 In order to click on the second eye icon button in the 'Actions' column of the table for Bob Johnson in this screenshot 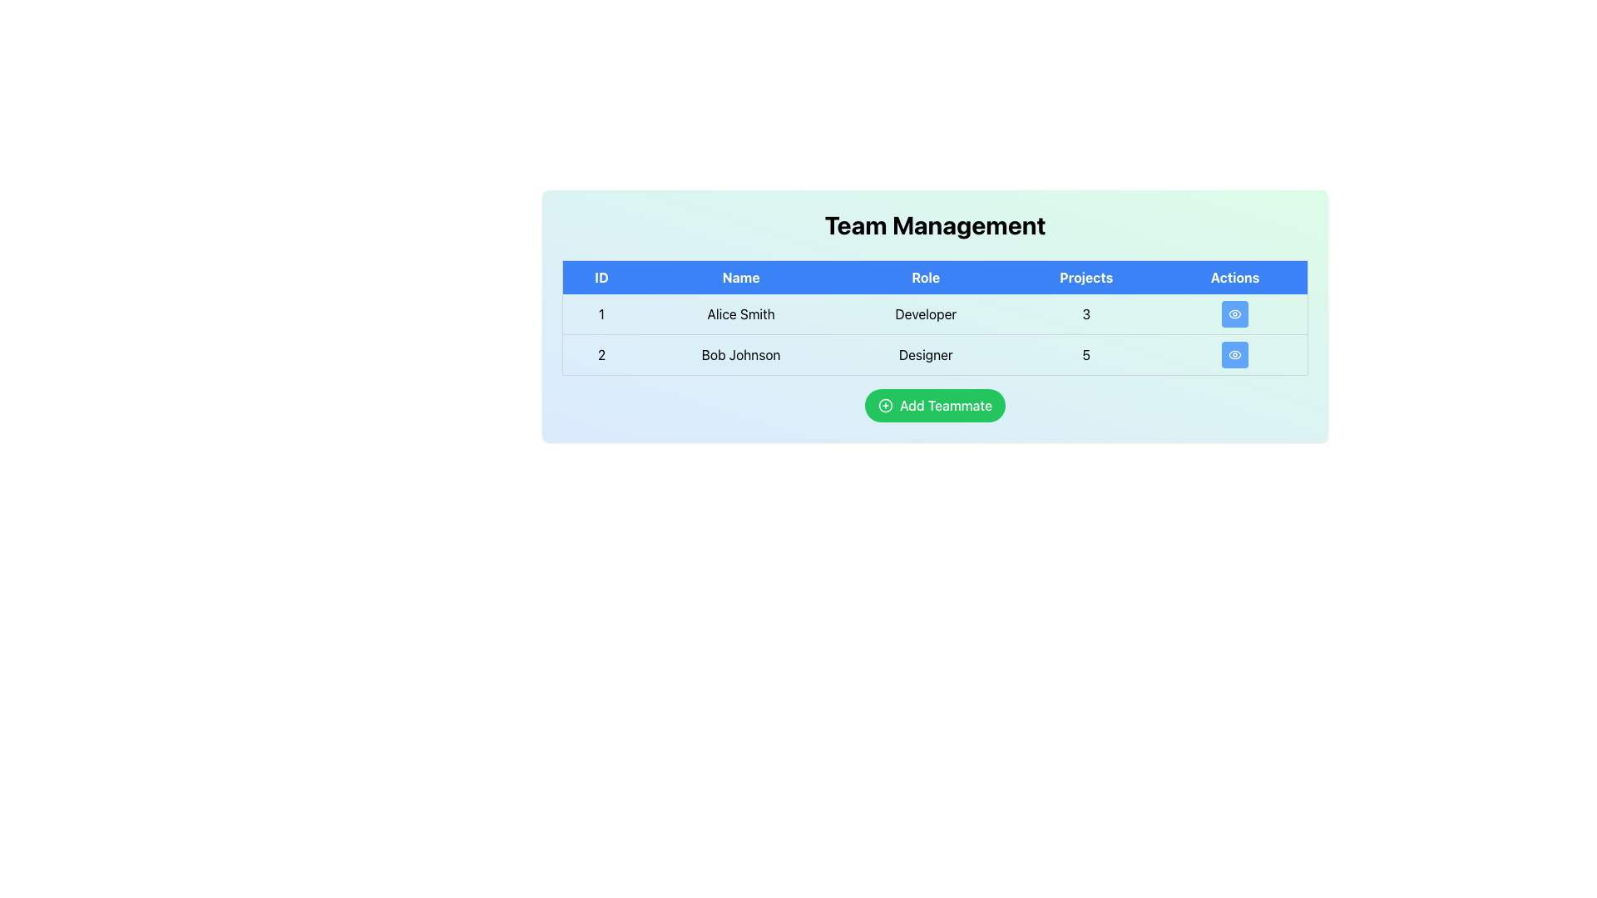, I will do `click(1235, 354)`.